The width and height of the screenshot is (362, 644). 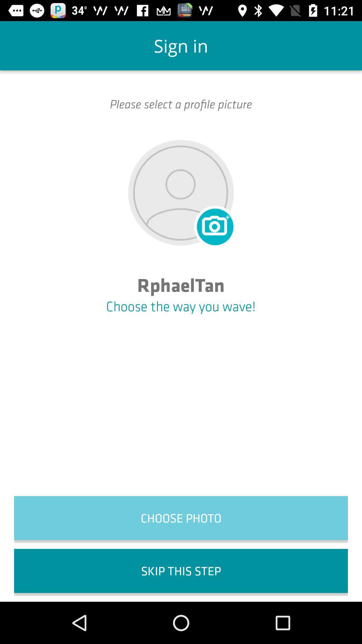 I want to click on item below the choose photo item, so click(x=181, y=571).